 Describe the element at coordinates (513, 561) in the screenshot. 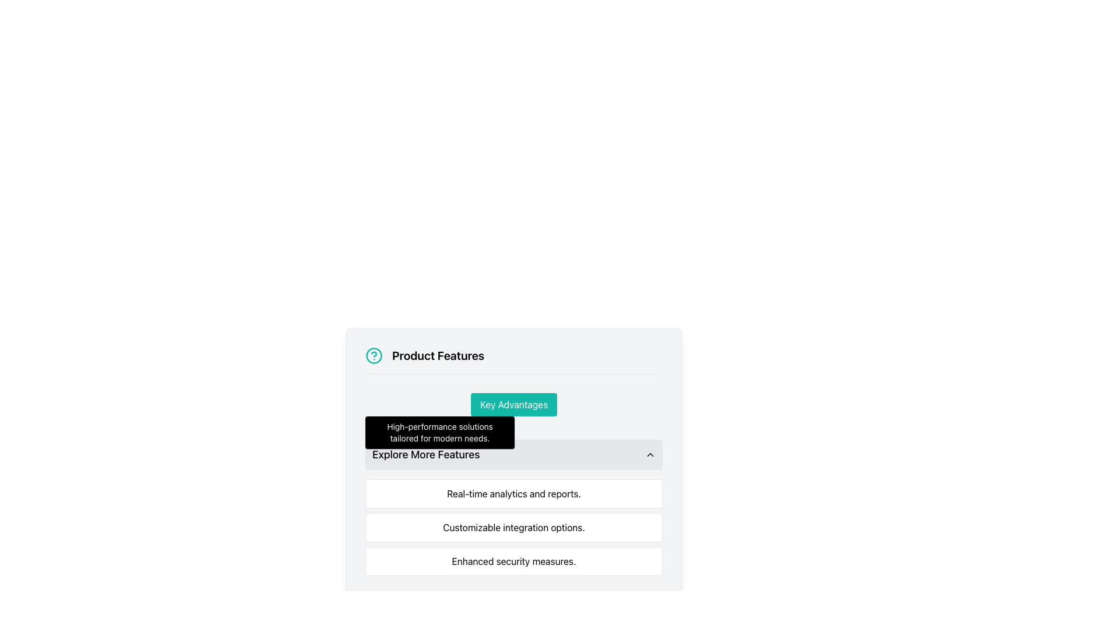

I see `the informational text block that contains the text 'Enhanced security measures.' which is the third element in a vertical list of containers` at that location.